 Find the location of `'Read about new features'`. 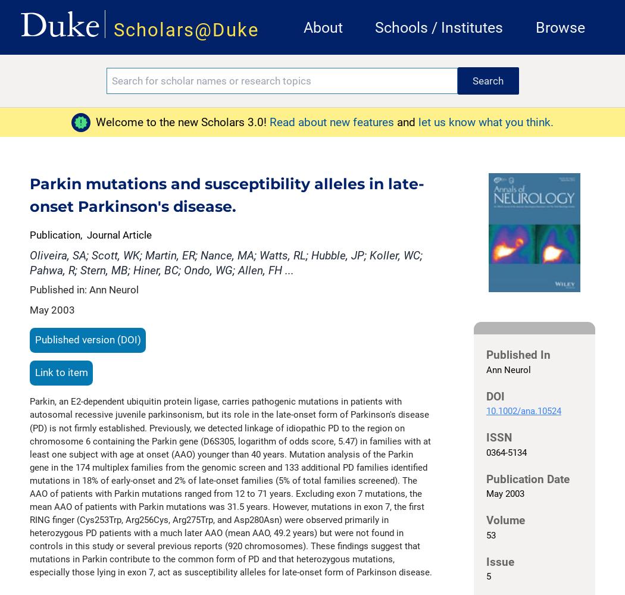

'Read about new features' is located at coordinates (333, 121).